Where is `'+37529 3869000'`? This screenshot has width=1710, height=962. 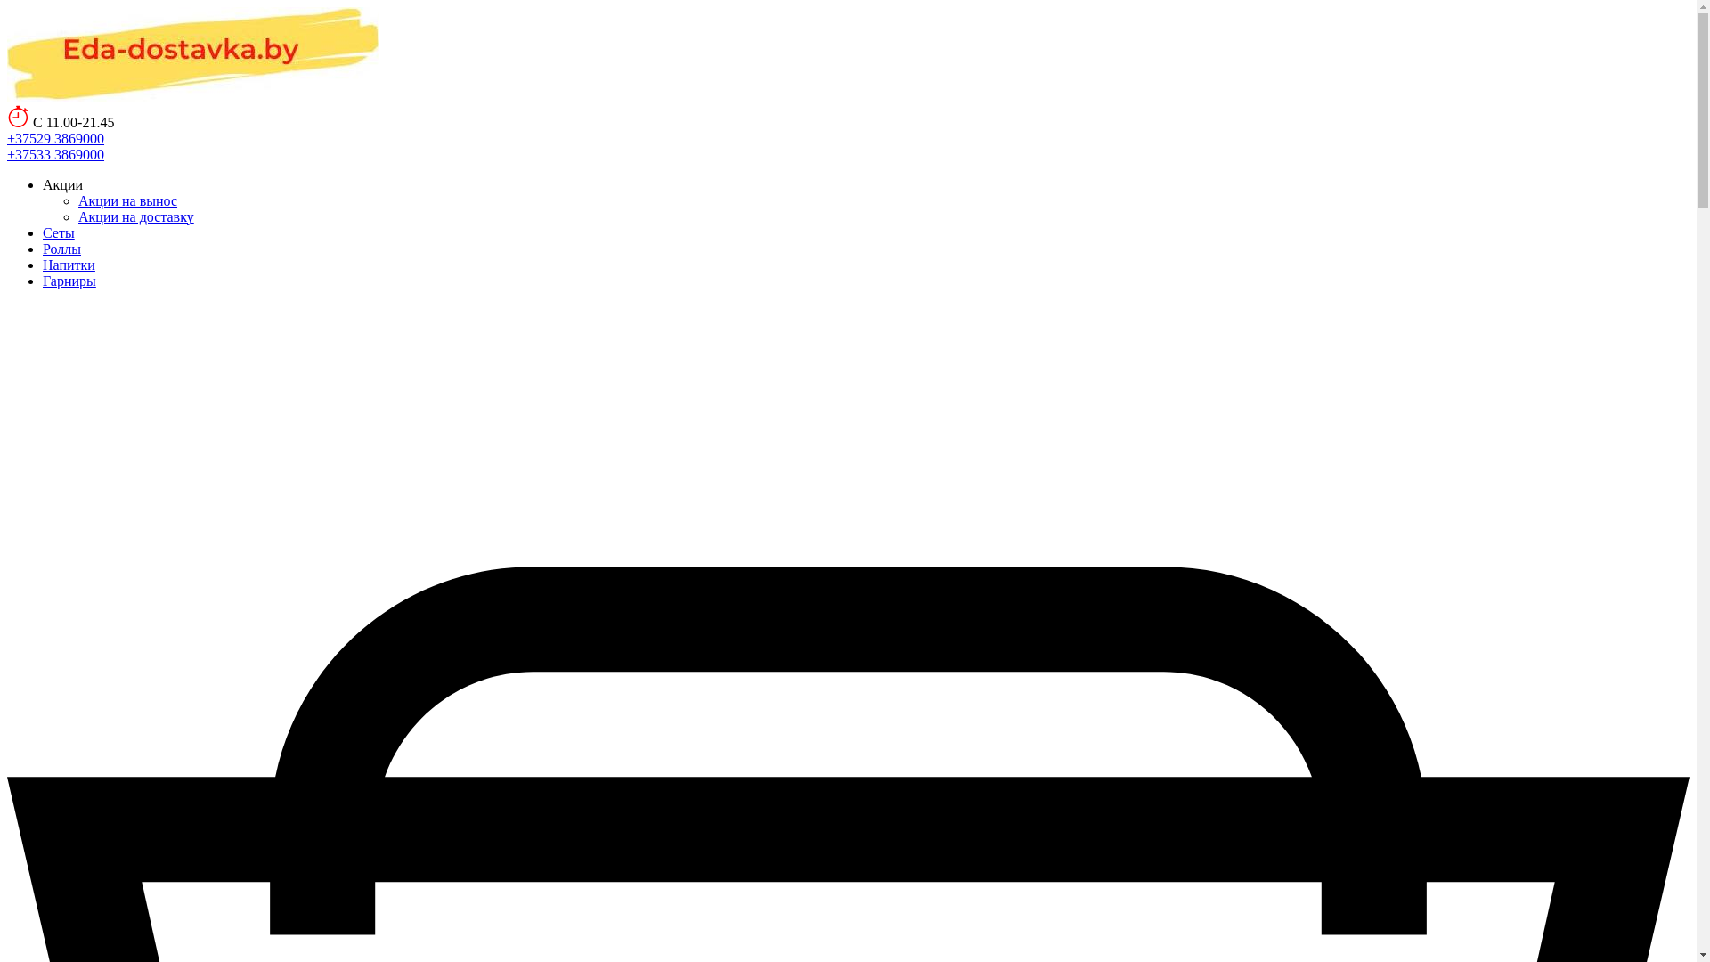 '+37529 3869000' is located at coordinates (55, 136).